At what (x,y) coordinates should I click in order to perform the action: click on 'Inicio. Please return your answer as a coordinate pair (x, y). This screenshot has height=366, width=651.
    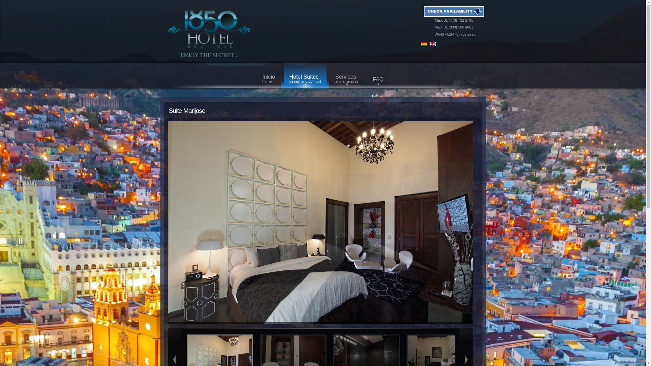
    Looking at the image, I should click on (268, 76).